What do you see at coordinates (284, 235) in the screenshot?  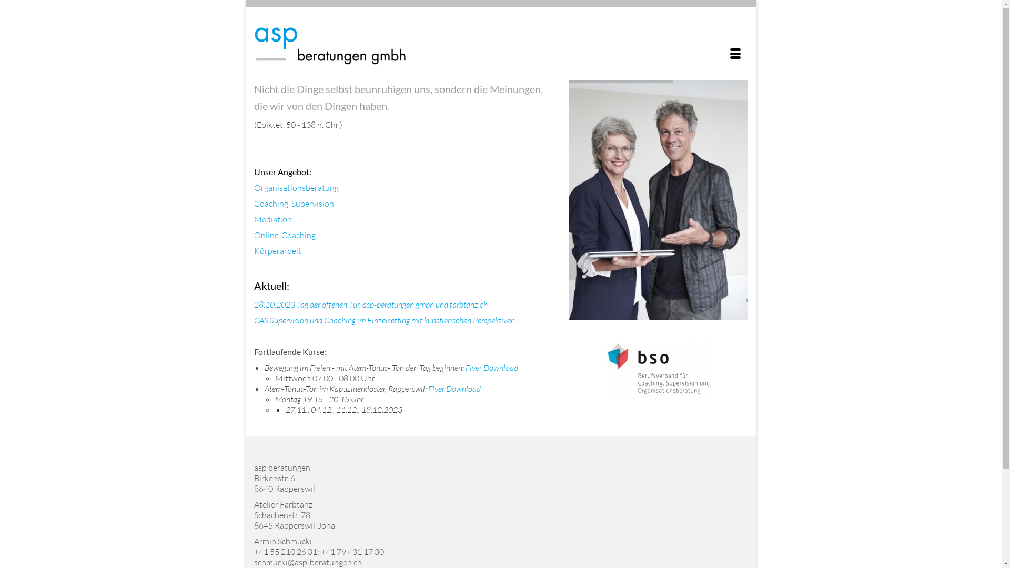 I see `'Online-Coaching'` at bounding box center [284, 235].